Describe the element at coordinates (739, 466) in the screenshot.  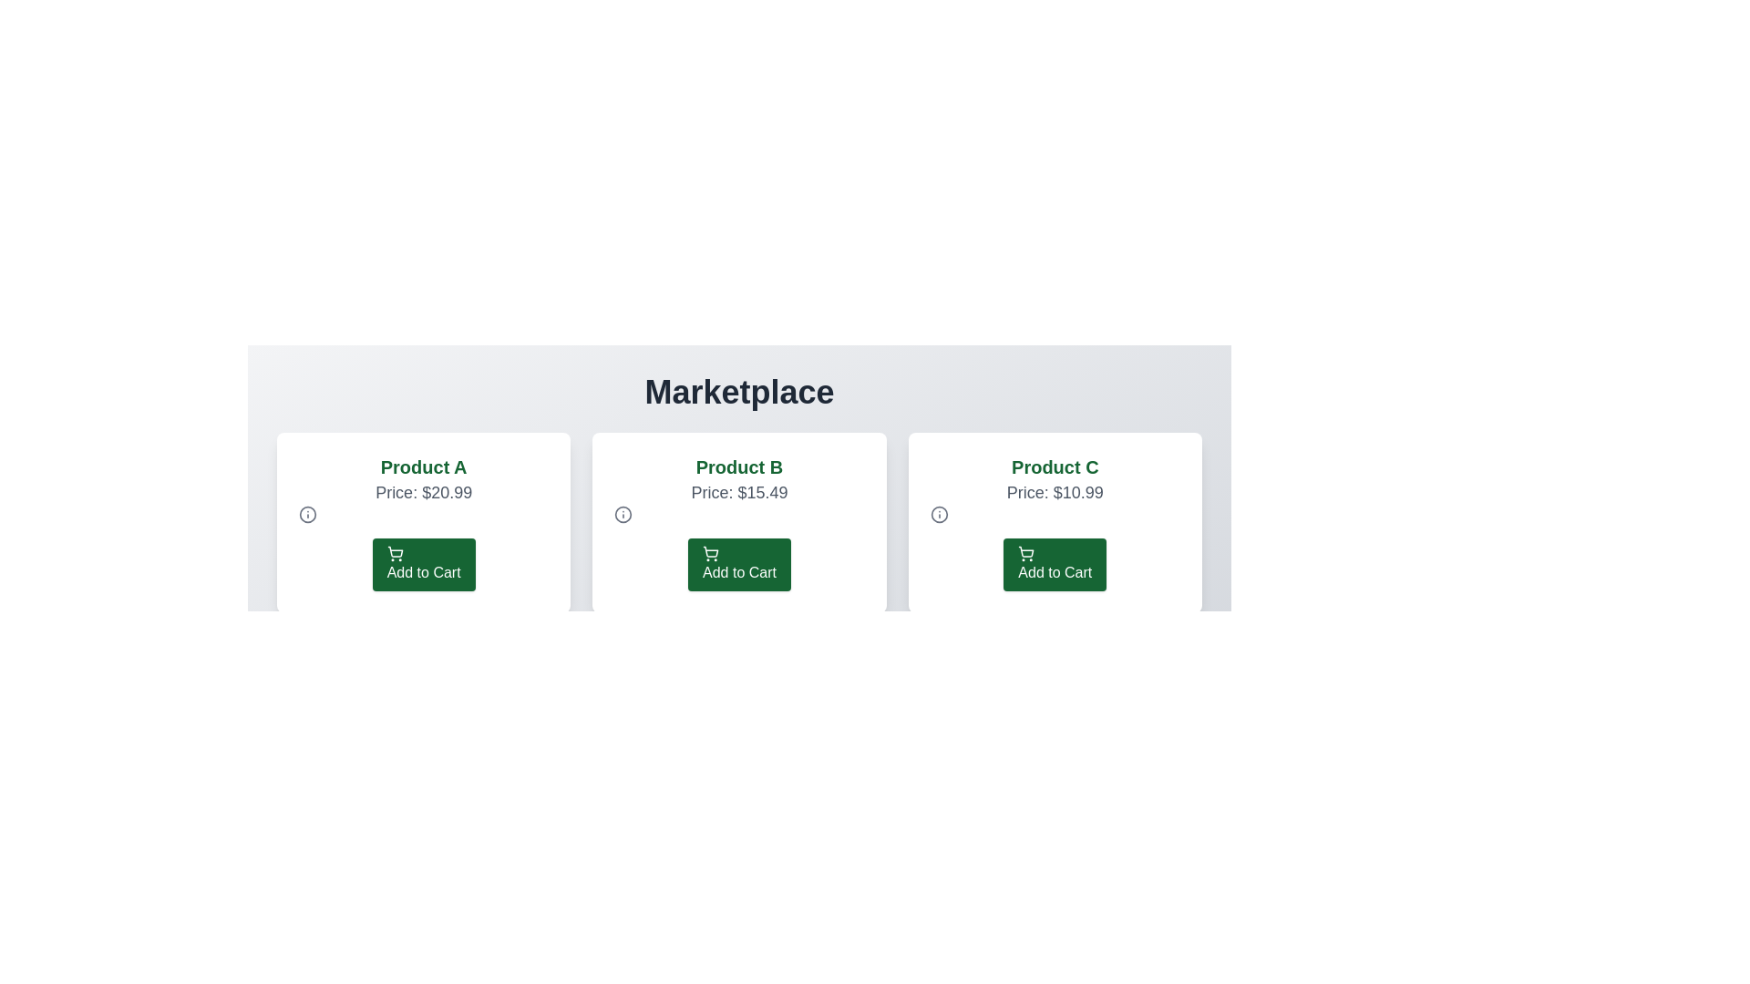
I see `identification text label located at the top of the product card, which helps in recognizing the product being described` at that location.